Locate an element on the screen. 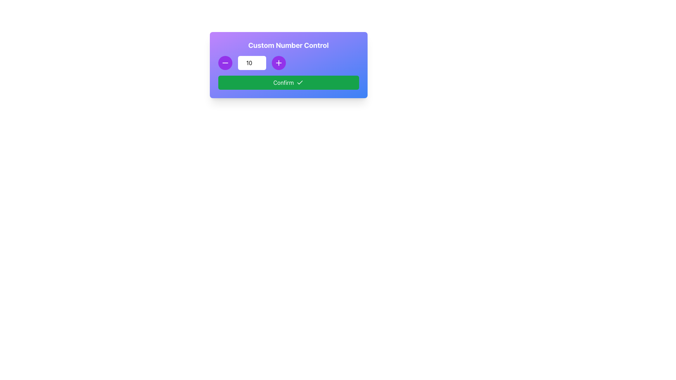  the green 'Confirm' button with rounded corners located at the bottom of the 'Custom Number Control' card is located at coordinates (288, 82).